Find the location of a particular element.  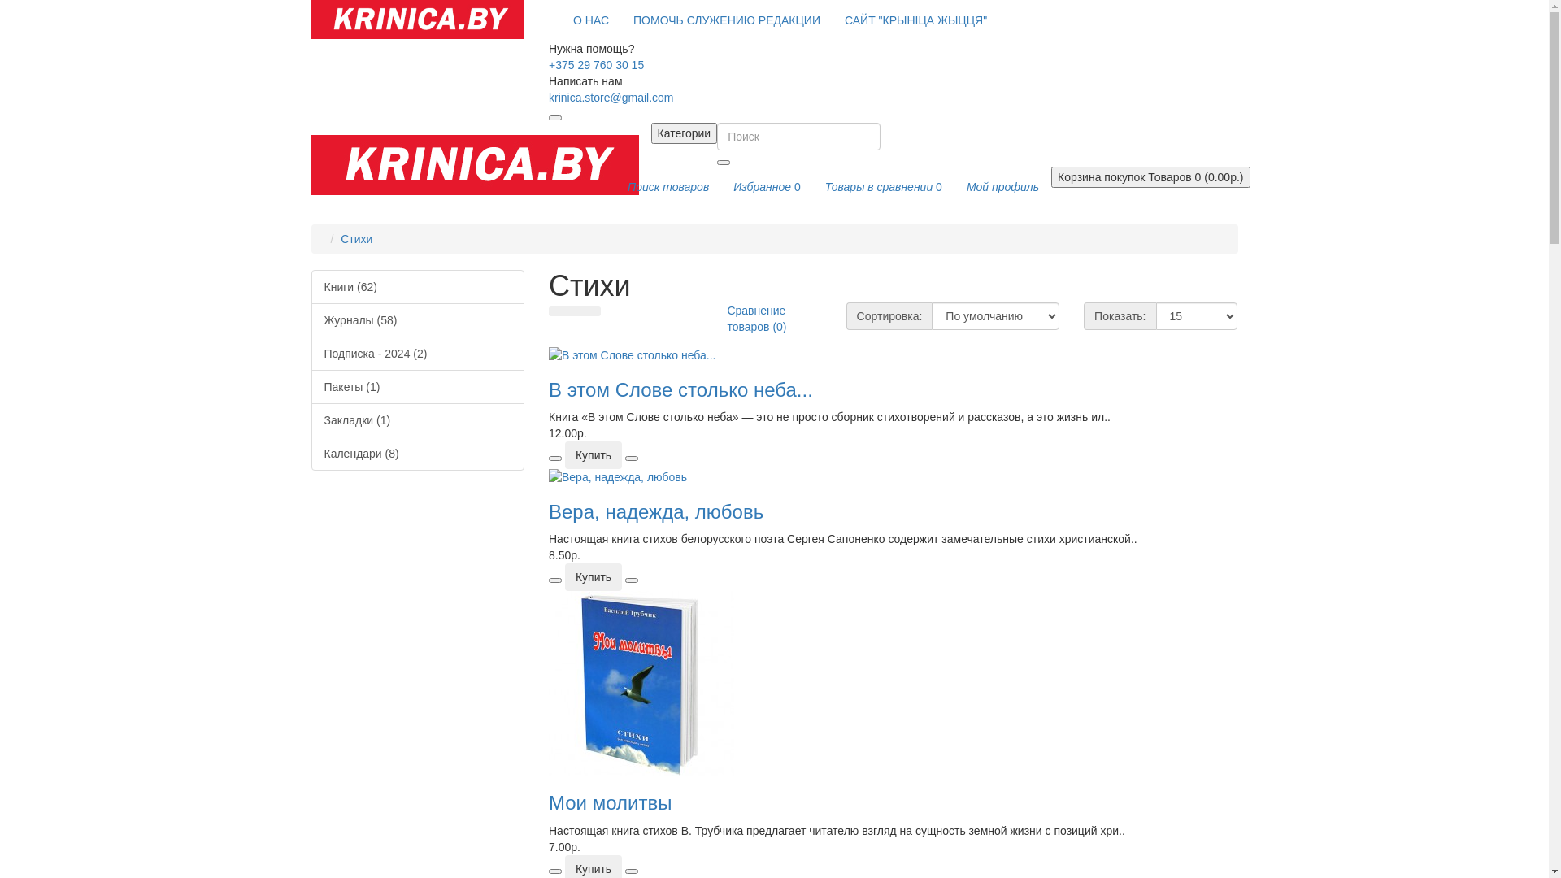

'krinica.store@gmail.com' is located at coordinates (610, 97).